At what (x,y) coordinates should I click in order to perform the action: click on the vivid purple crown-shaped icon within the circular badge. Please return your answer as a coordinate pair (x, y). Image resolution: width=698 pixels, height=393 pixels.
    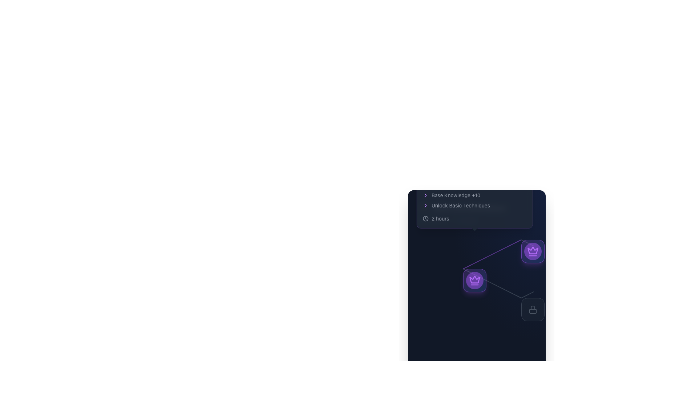
    Looking at the image, I should click on (533, 251).